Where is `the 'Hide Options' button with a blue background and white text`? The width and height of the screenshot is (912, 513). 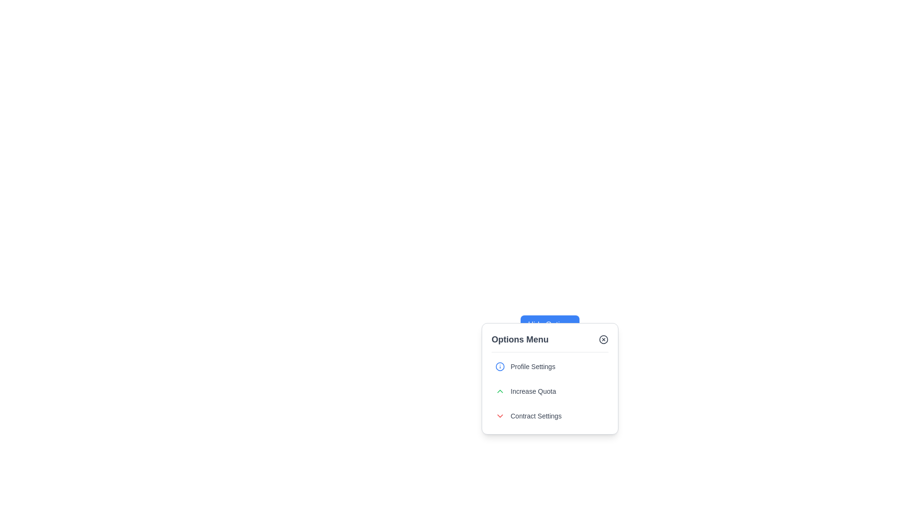 the 'Hide Options' button with a blue background and white text is located at coordinates (550, 324).